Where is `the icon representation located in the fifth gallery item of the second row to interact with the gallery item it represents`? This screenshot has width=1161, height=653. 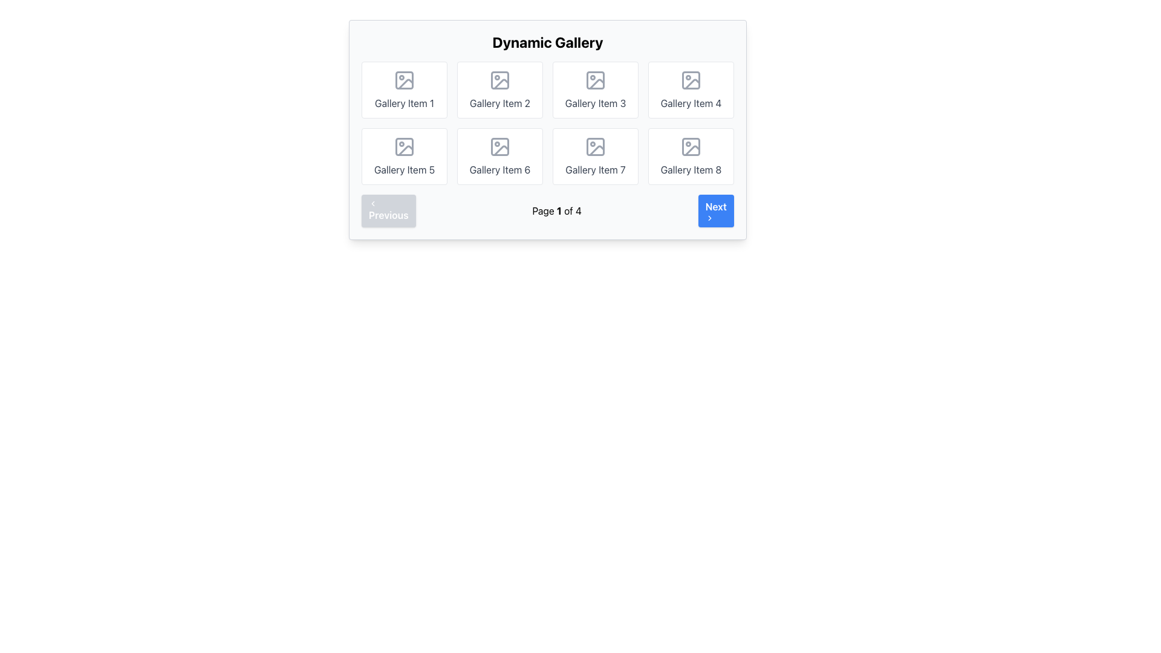 the icon representation located in the fifth gallery item of the second row to interact with the gallery item it represents is located at coordinates (404, 146).